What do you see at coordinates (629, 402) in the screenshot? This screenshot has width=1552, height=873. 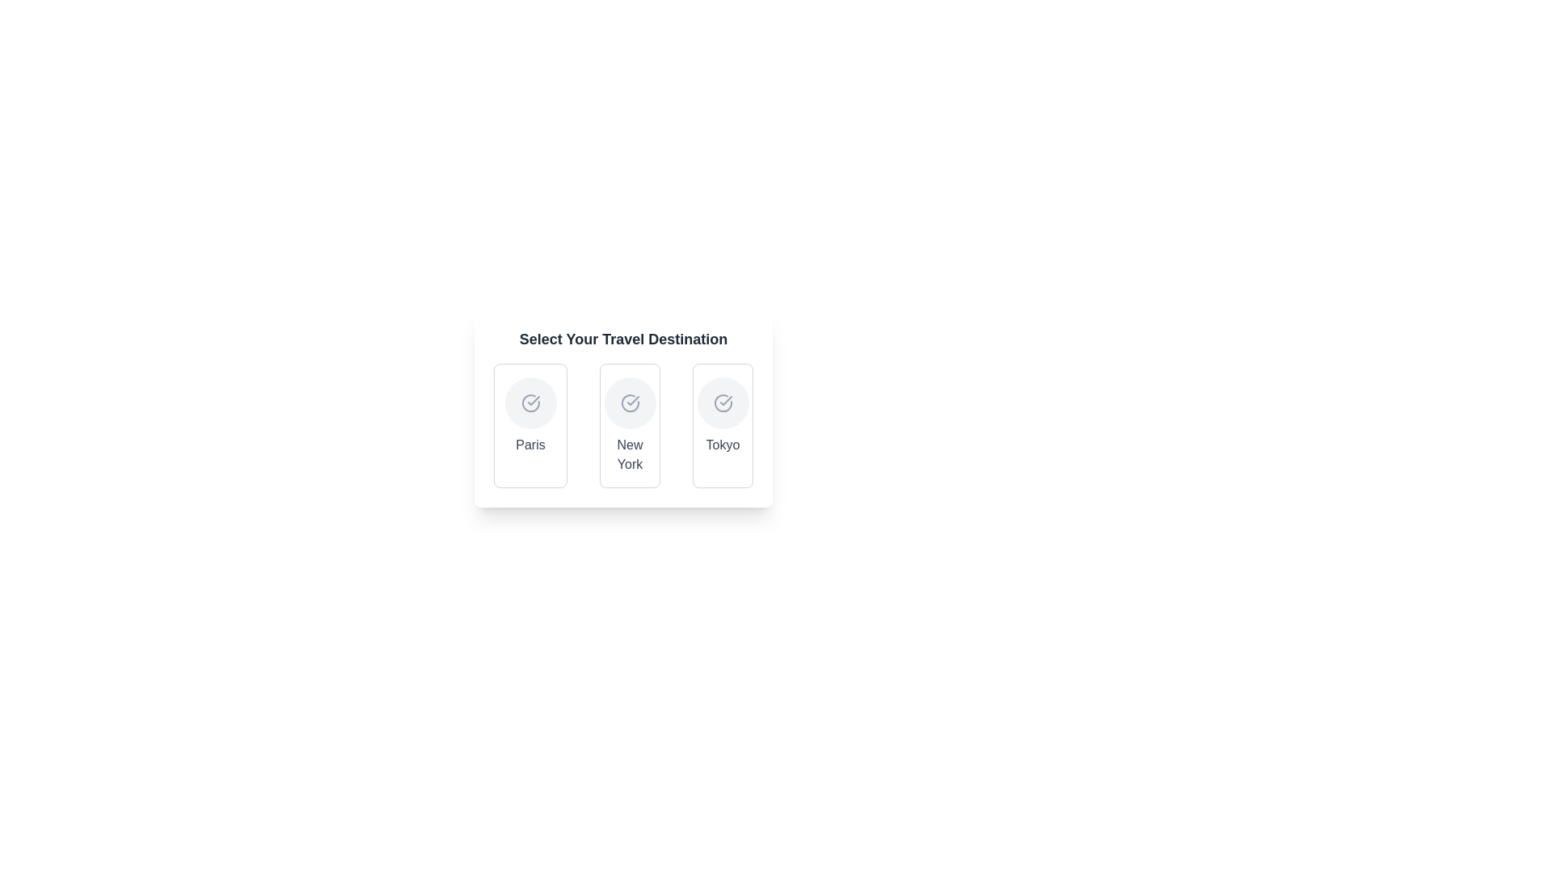 I see `the circular checkmark icon located in the center of the 'New York' card` at bounding box center [629, 402].